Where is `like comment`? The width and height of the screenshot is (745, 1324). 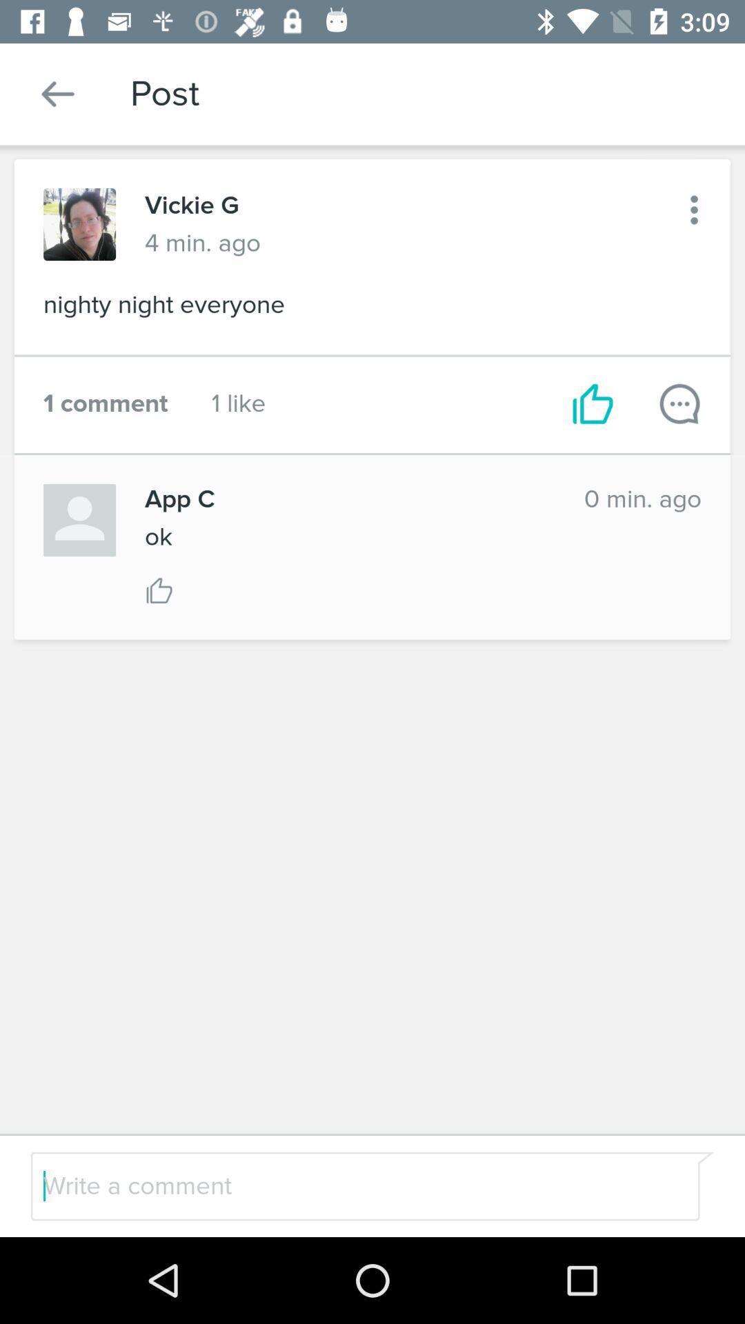 like comment is located at coordinates (159, 590).